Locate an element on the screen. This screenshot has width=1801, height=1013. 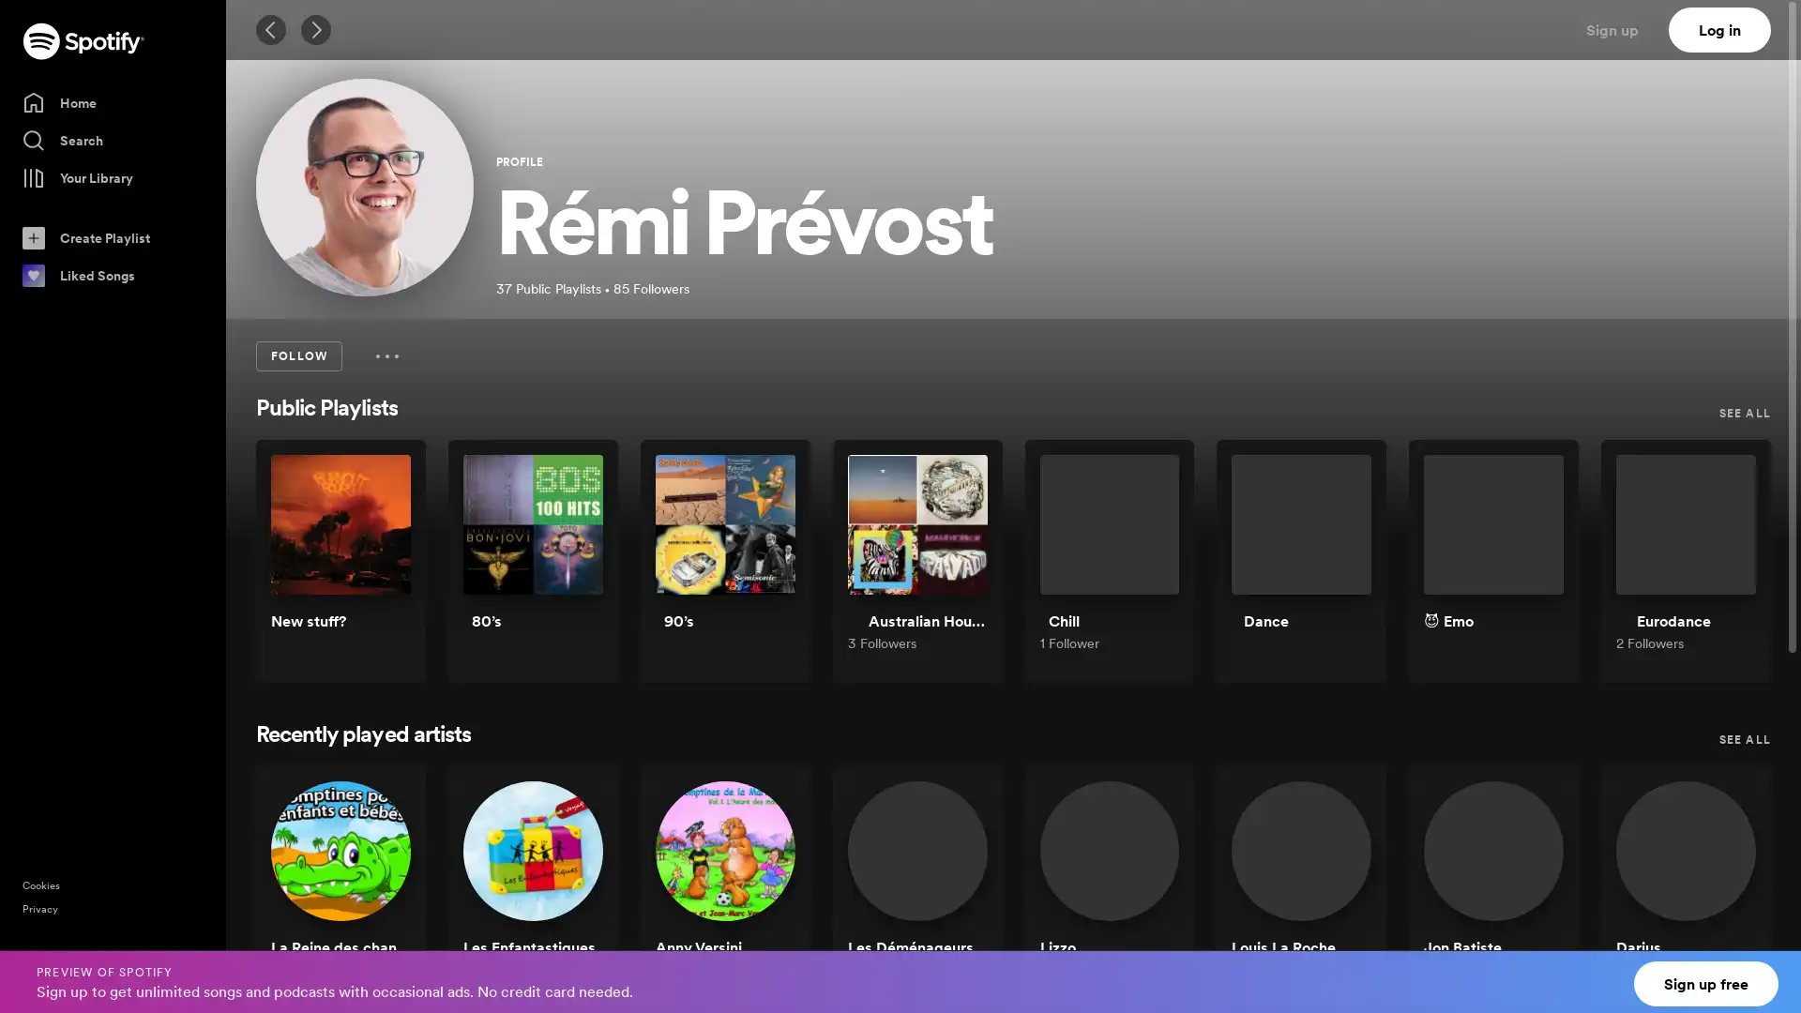
Close is located at coordinates (1769, 970).